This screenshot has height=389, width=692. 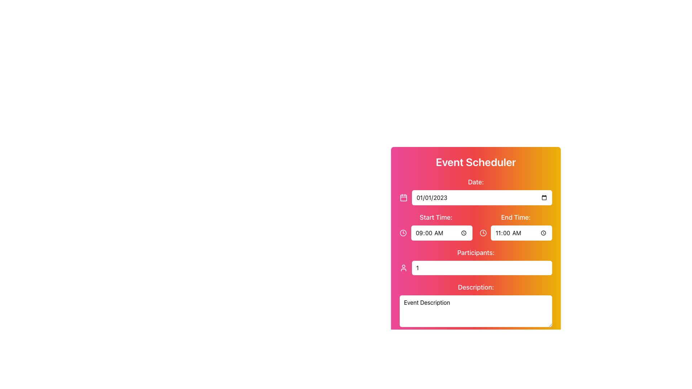 What do you see at coordinates (476, 305) in the screenshot?
I see `the labeled input textarea for event description, which is the fifth section in a vertically stacked list of form fields, positioned below the 'Participants:' input field and above the 'Confirm' button` at bounding box center [476, 305].